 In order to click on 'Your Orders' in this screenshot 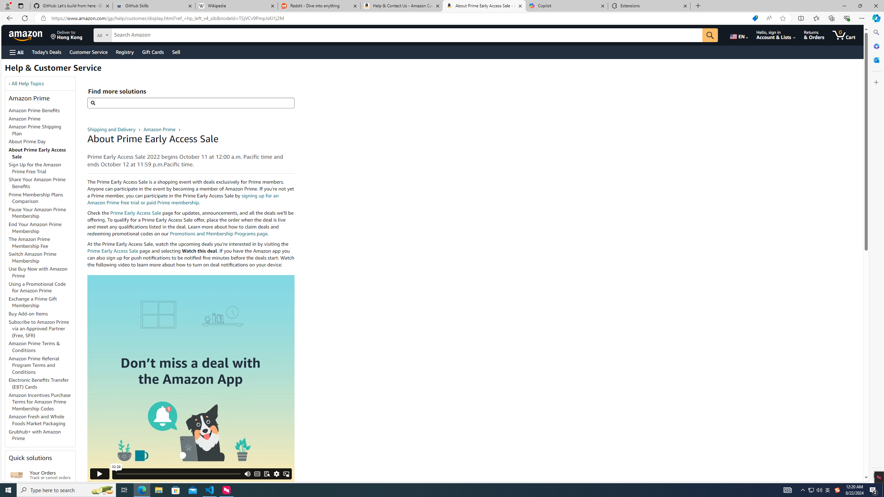, I will do `click(17, 474)`.